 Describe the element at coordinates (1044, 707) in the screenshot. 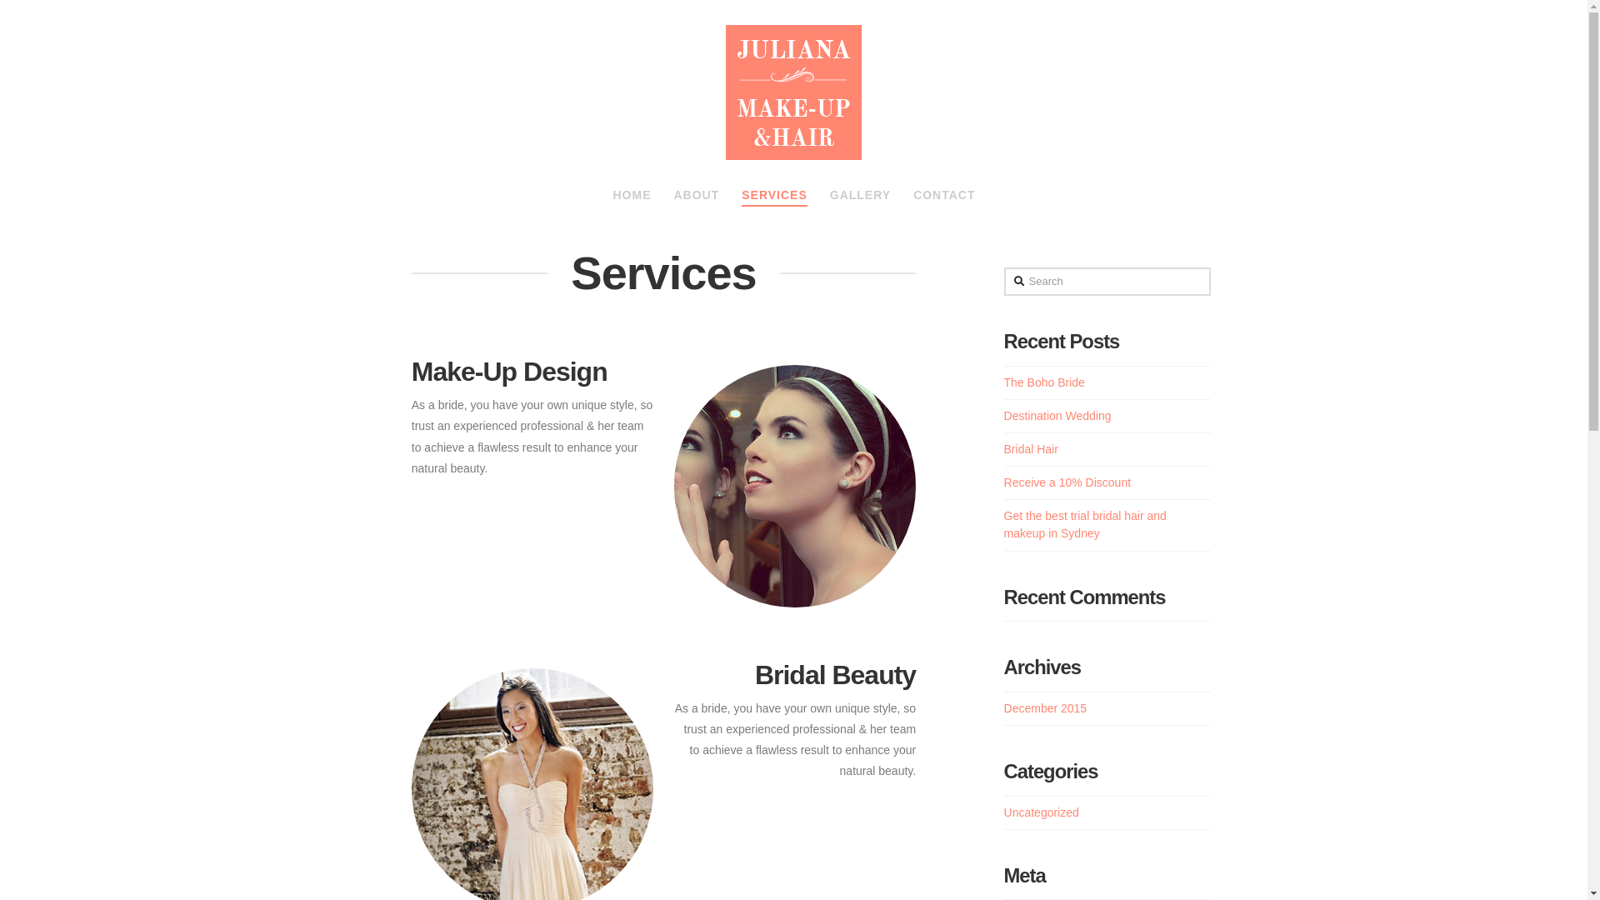

I see `'December 2015'` at that location.